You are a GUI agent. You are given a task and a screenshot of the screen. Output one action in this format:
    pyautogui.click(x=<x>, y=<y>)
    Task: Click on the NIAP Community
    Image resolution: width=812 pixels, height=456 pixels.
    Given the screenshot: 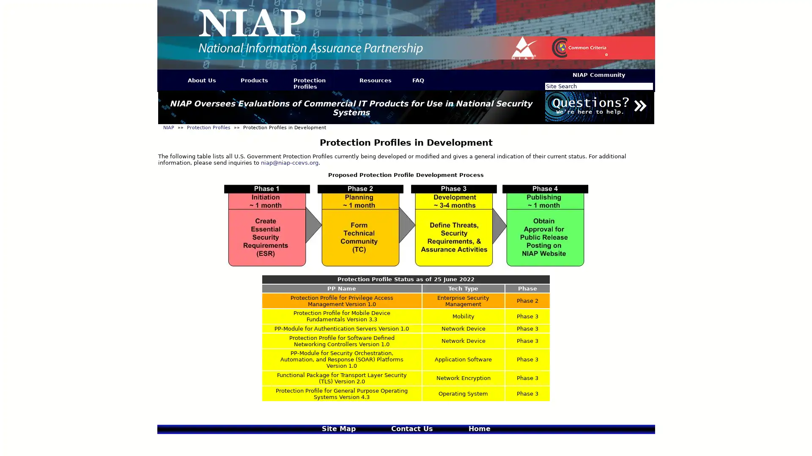 What is the action you would take?
    pyautogui.click(x=601, y=74)
    